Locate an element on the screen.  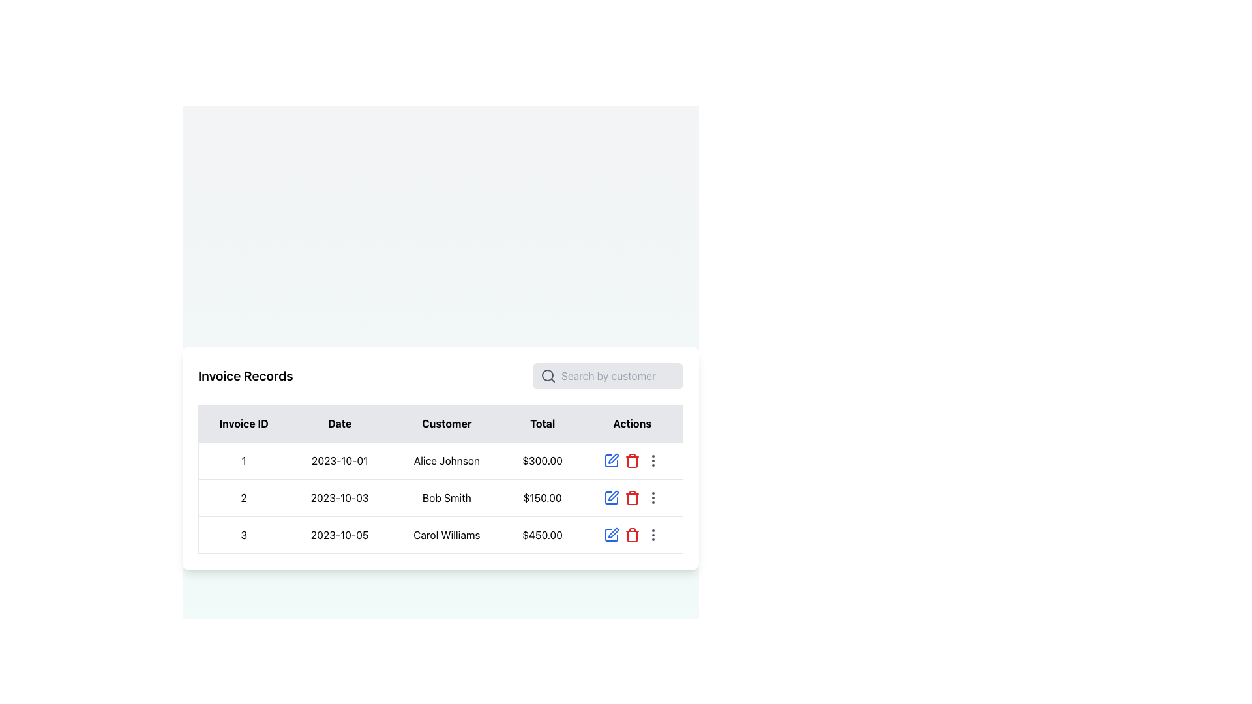
information contained in the third row of the 'Invoice Records' table, which includes the invoice ID, date, customer name, and total amount is located at coordinates (441, 535).